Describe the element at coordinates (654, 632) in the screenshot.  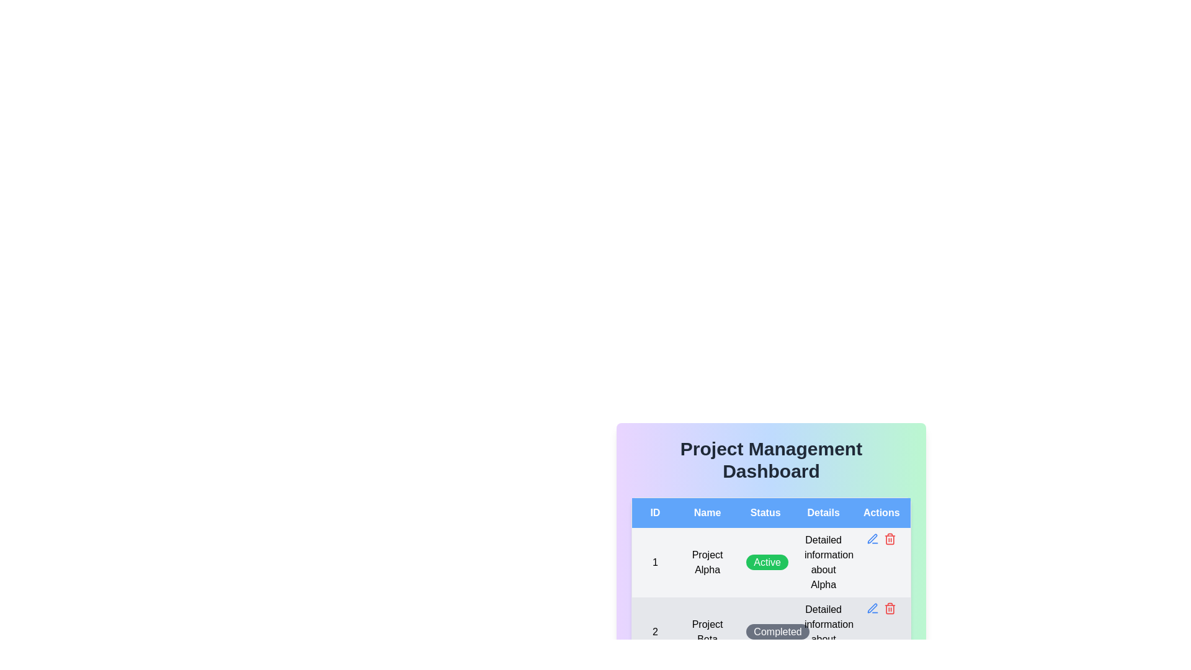
I see `the bold number '2' in the first column and second row of the table in the 'Project Management Dashboard' interface` at that location.